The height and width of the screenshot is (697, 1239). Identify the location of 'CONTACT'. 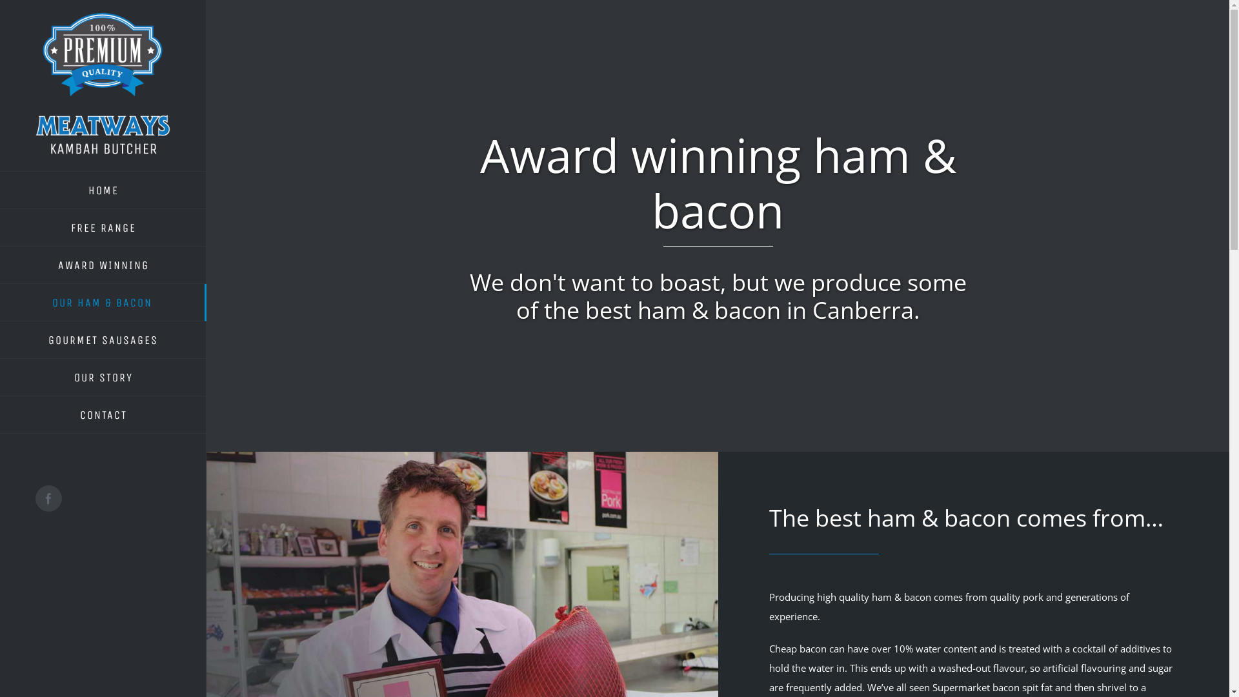
(102, 415).